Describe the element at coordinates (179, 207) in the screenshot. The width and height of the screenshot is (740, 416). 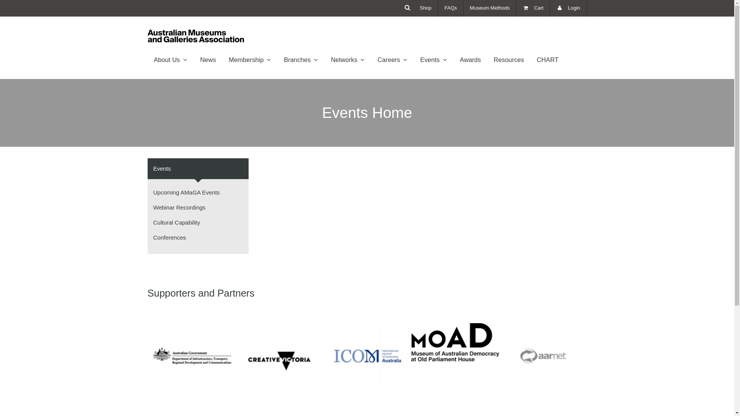
I see `'Webinar Recordings'` at that location.